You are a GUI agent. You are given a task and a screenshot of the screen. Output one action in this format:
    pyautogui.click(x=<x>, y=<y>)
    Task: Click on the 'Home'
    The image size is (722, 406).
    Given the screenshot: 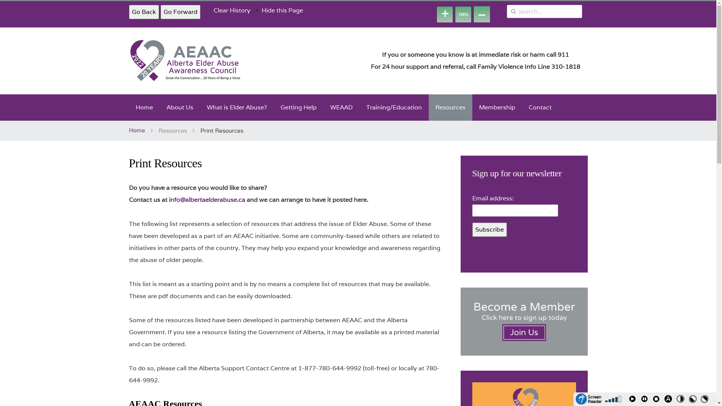 What is the action you would take?
    pyautogui.click(x=128, y=107)
    